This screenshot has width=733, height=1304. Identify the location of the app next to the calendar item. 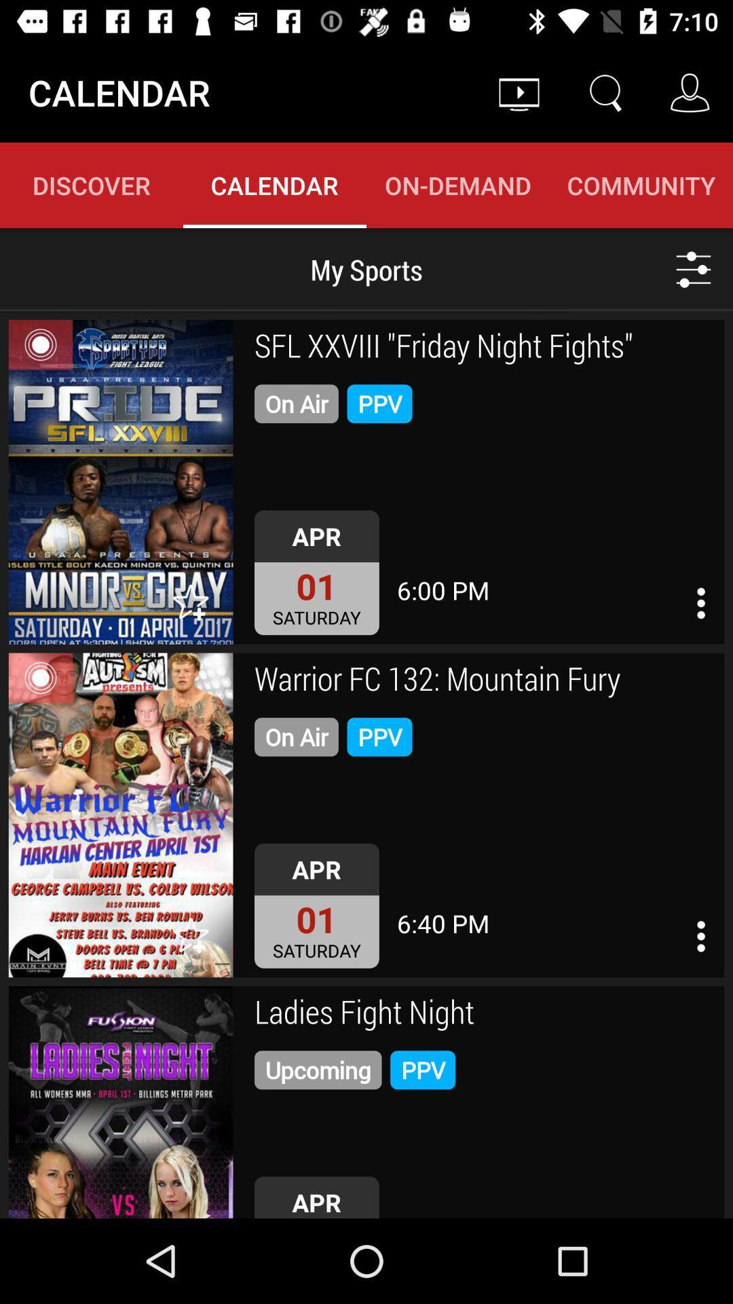
(519, 92).